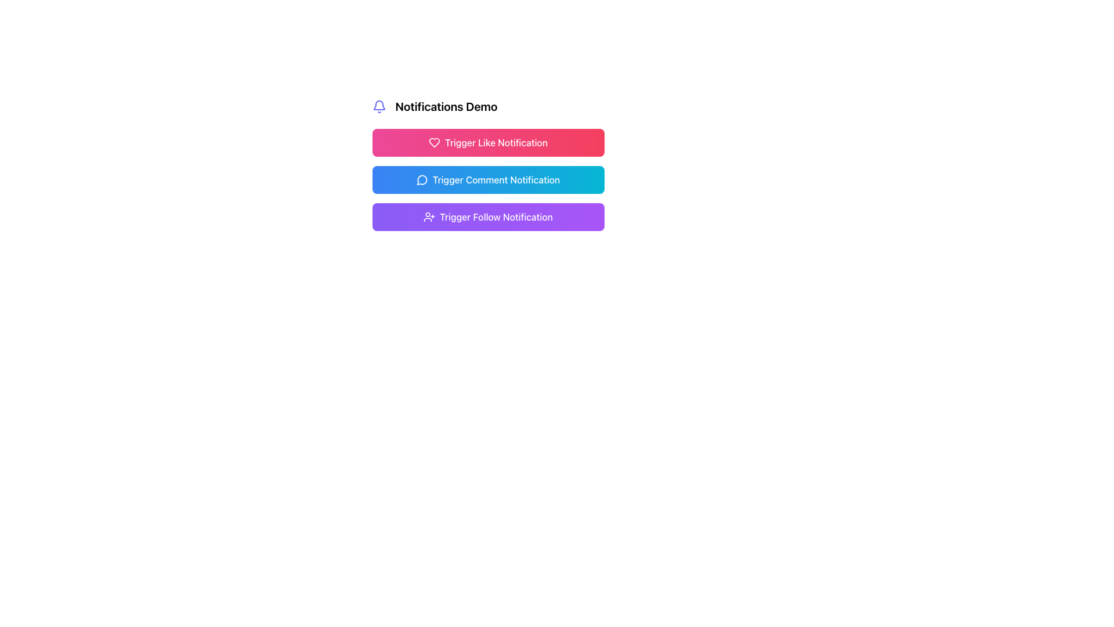 This screenshot has height=627, width=1114. Describe the element at coordinates (496, 217) in the screenshot. I see `the text label within the third button in the vertically arranged list, which conveys the action of triggering a follow notification` at that location.